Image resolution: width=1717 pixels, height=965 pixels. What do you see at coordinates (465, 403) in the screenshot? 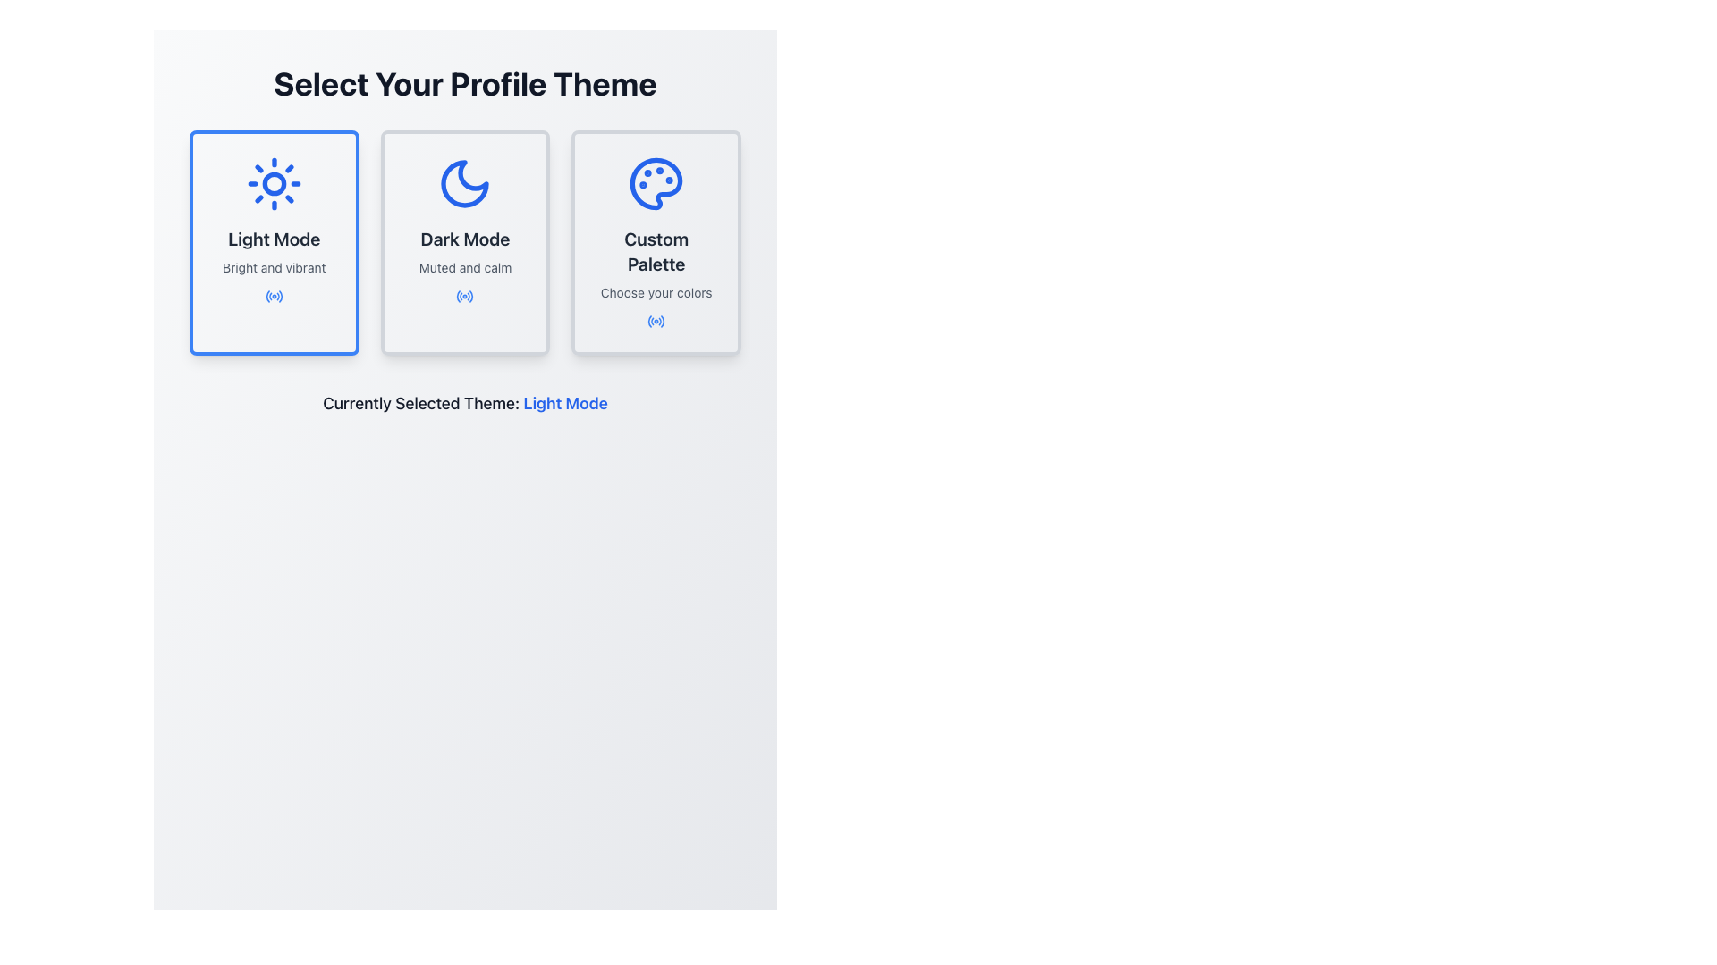
I see `the text label displaying 'Currently Selected Theme: Light Mode', which is centered below the theme selection cards` at bounding box center [465, 403].